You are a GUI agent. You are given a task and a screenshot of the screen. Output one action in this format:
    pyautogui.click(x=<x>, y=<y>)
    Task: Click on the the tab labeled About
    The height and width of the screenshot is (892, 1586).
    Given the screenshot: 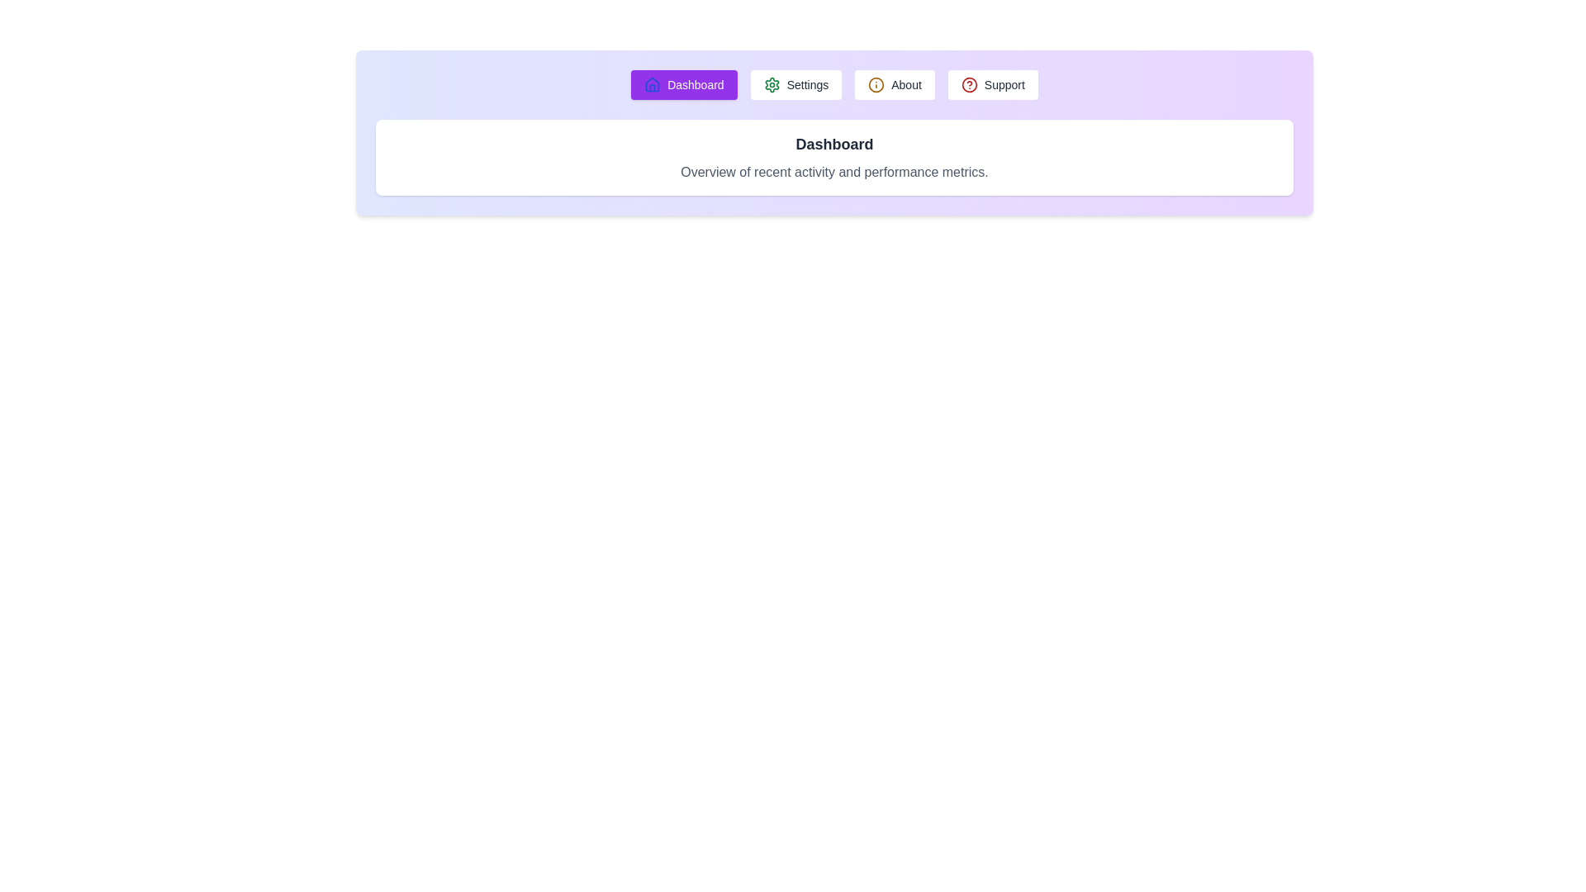 What is the action you would take?
    pyautogui.click(x=894, y=85)
    